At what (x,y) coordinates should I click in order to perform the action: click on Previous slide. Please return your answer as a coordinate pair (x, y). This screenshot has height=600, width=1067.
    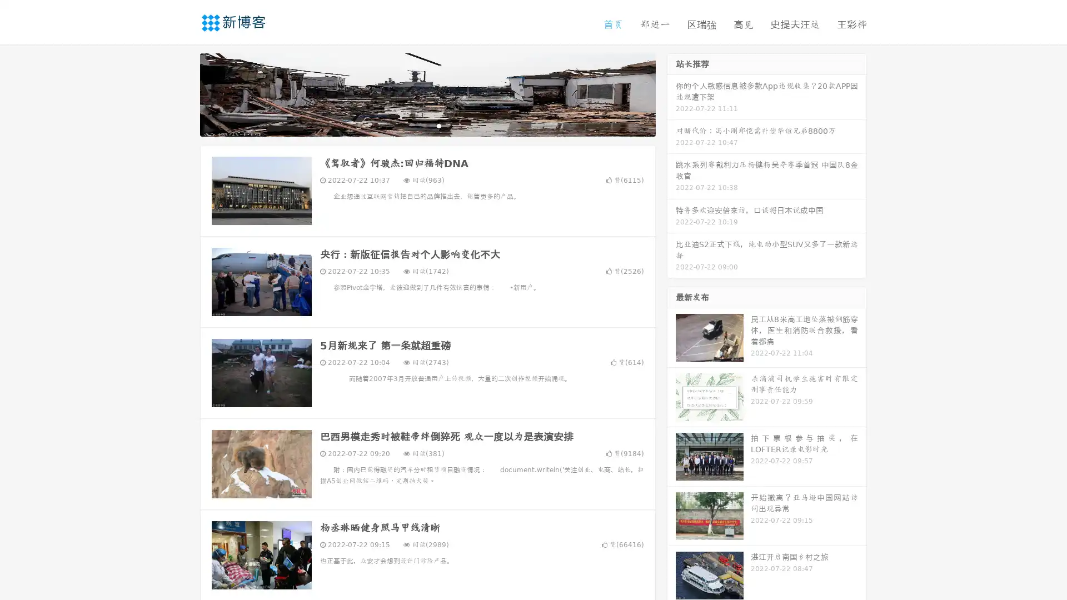
    Looking at the image, I should click on (183, 93).